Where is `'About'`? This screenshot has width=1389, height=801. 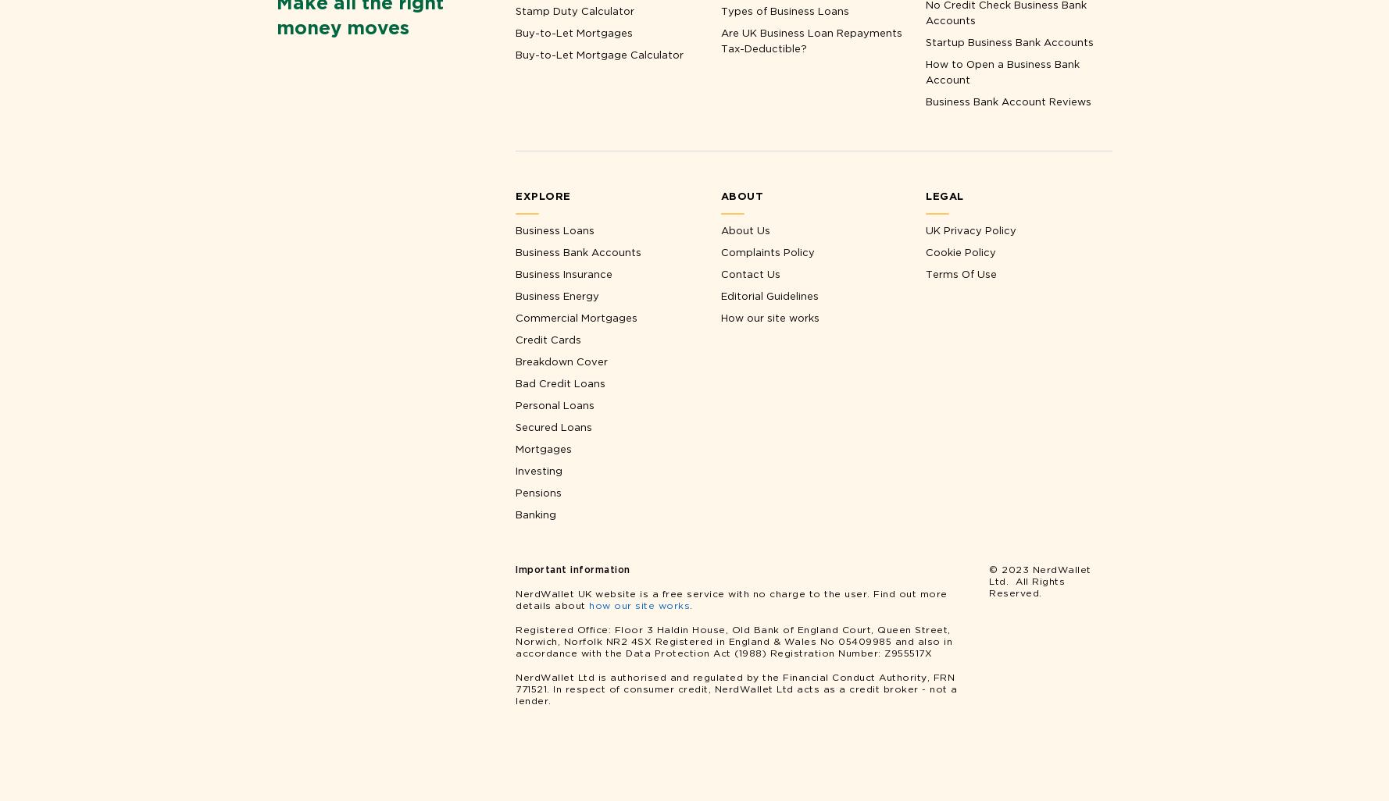 'About' is located at coordinates (741, 195).